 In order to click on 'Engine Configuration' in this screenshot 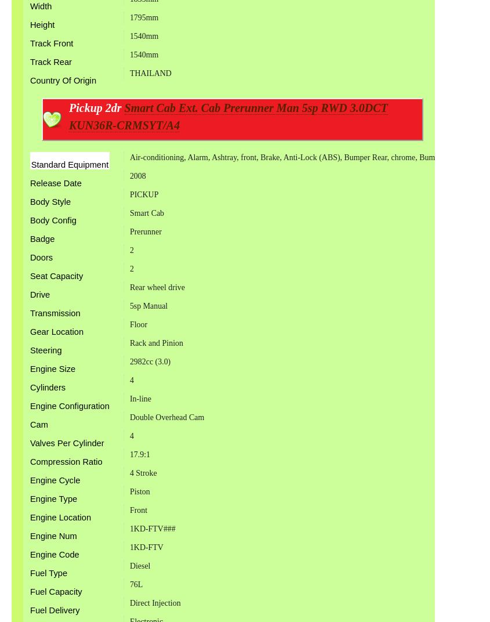, I will do `click(69, 406)`.